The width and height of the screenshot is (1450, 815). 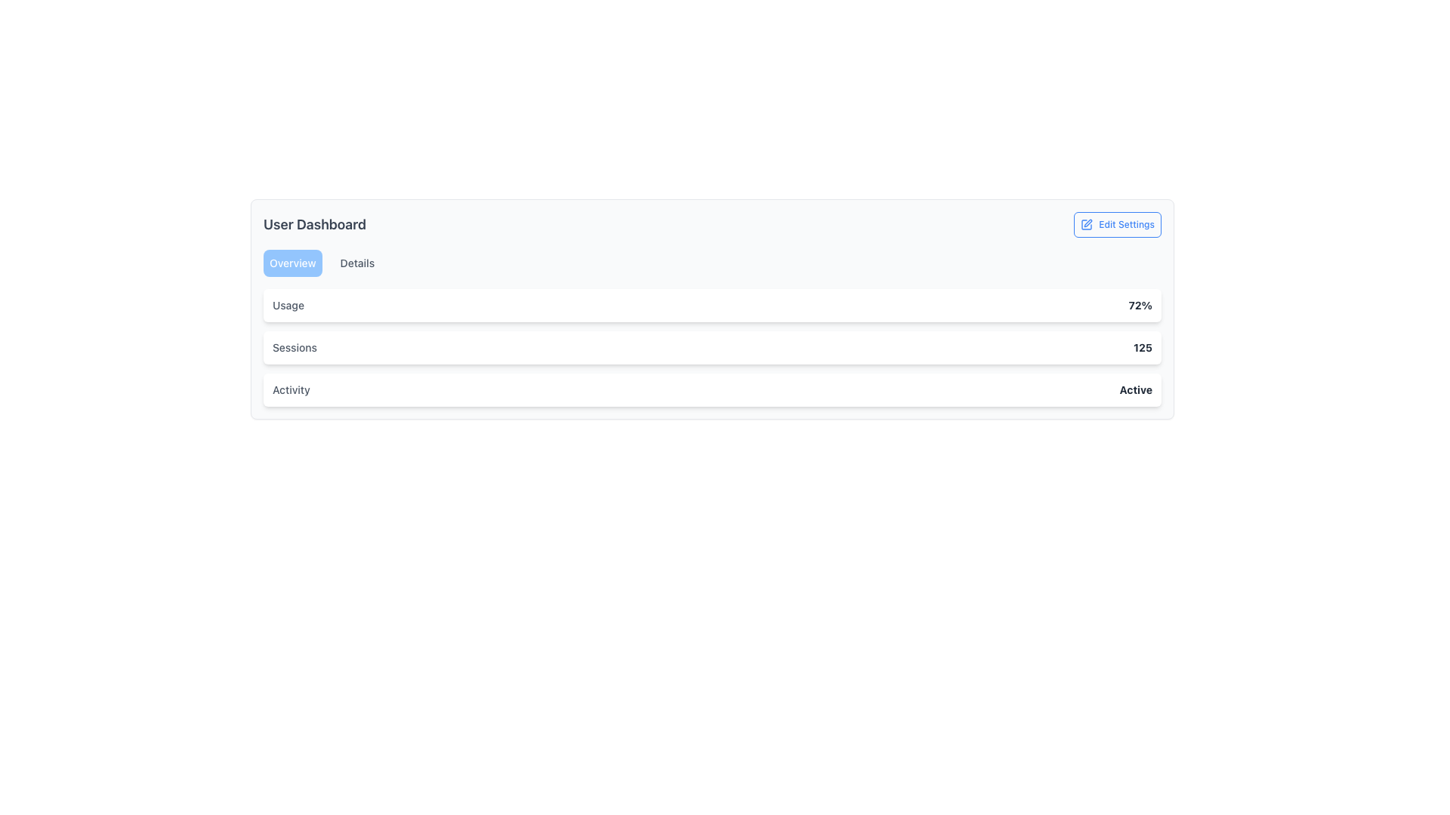 What do you see at coordinates (295, 348) in the screenshot?
I see `the Static Text Label that describes the associated numerical value '125', located on the left side of a horizontally aligned section with a white background and rounded edges` at bounding box center [295, 348].